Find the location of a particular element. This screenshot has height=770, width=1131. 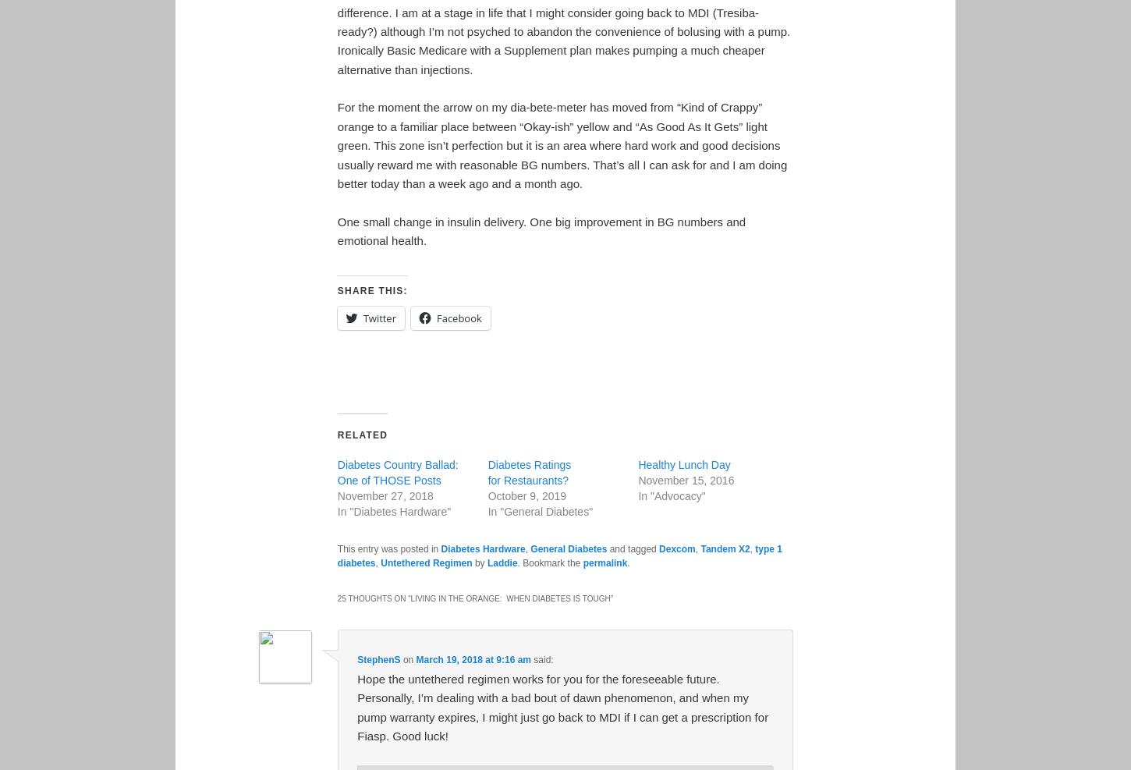

'One small change in insulin delivery. One big improvement in BG numbers and emotional health.' is located at coordinates (540, 230).